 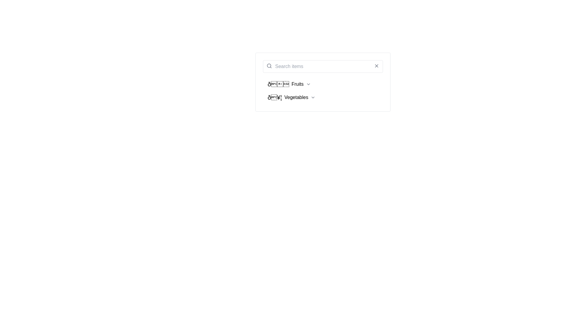 I want to click on the second menu item in the dropdown related to 'Vegetables', so click(x=291, y=97).